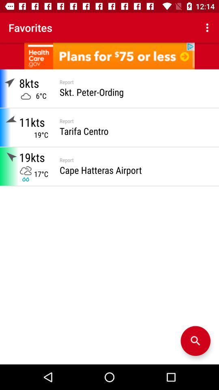 The image size is (219, 390). I want to click on red color circle, so click(195, 341).